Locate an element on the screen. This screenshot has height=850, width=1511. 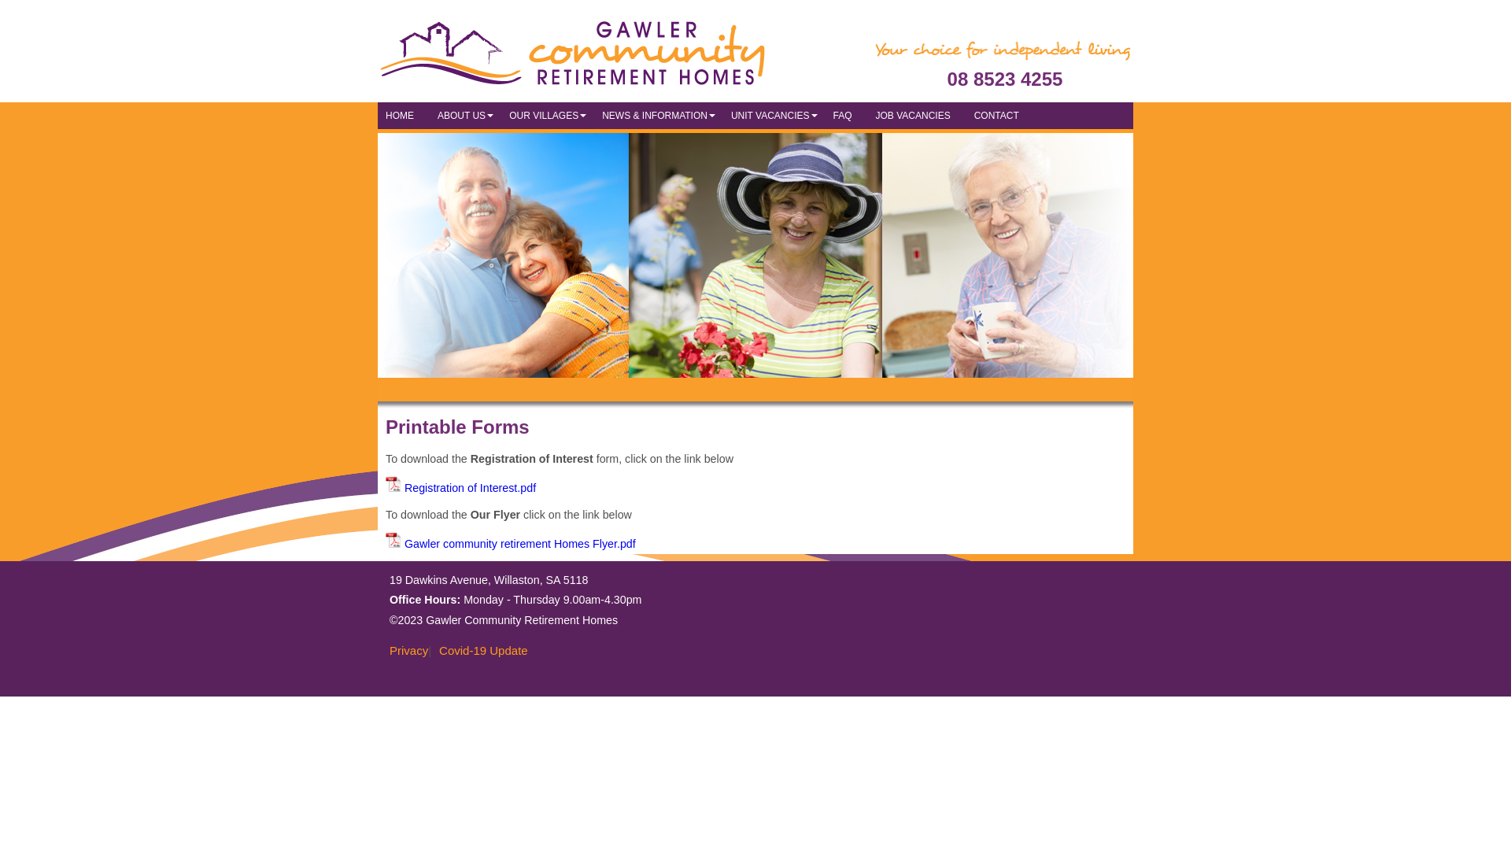
'JOB VACANCIES' is located at coordinates (917, 114).